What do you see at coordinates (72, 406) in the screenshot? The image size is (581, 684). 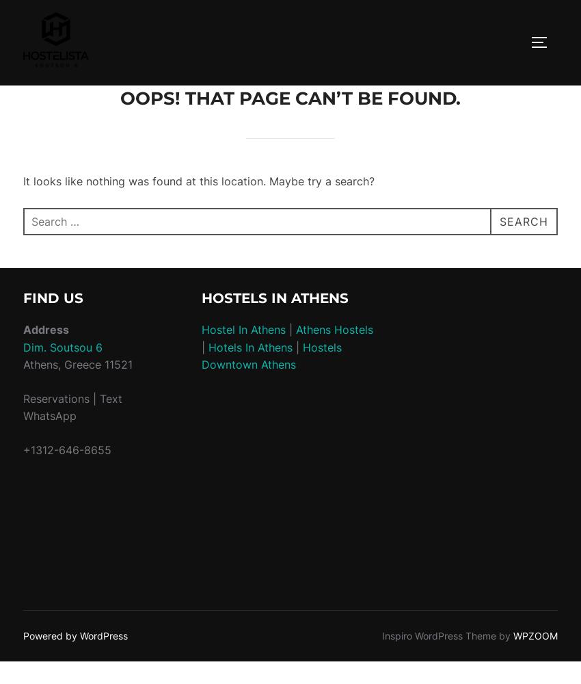 I see `'Reservations | Text WhatsApp'` at bounding box center [72, 406].